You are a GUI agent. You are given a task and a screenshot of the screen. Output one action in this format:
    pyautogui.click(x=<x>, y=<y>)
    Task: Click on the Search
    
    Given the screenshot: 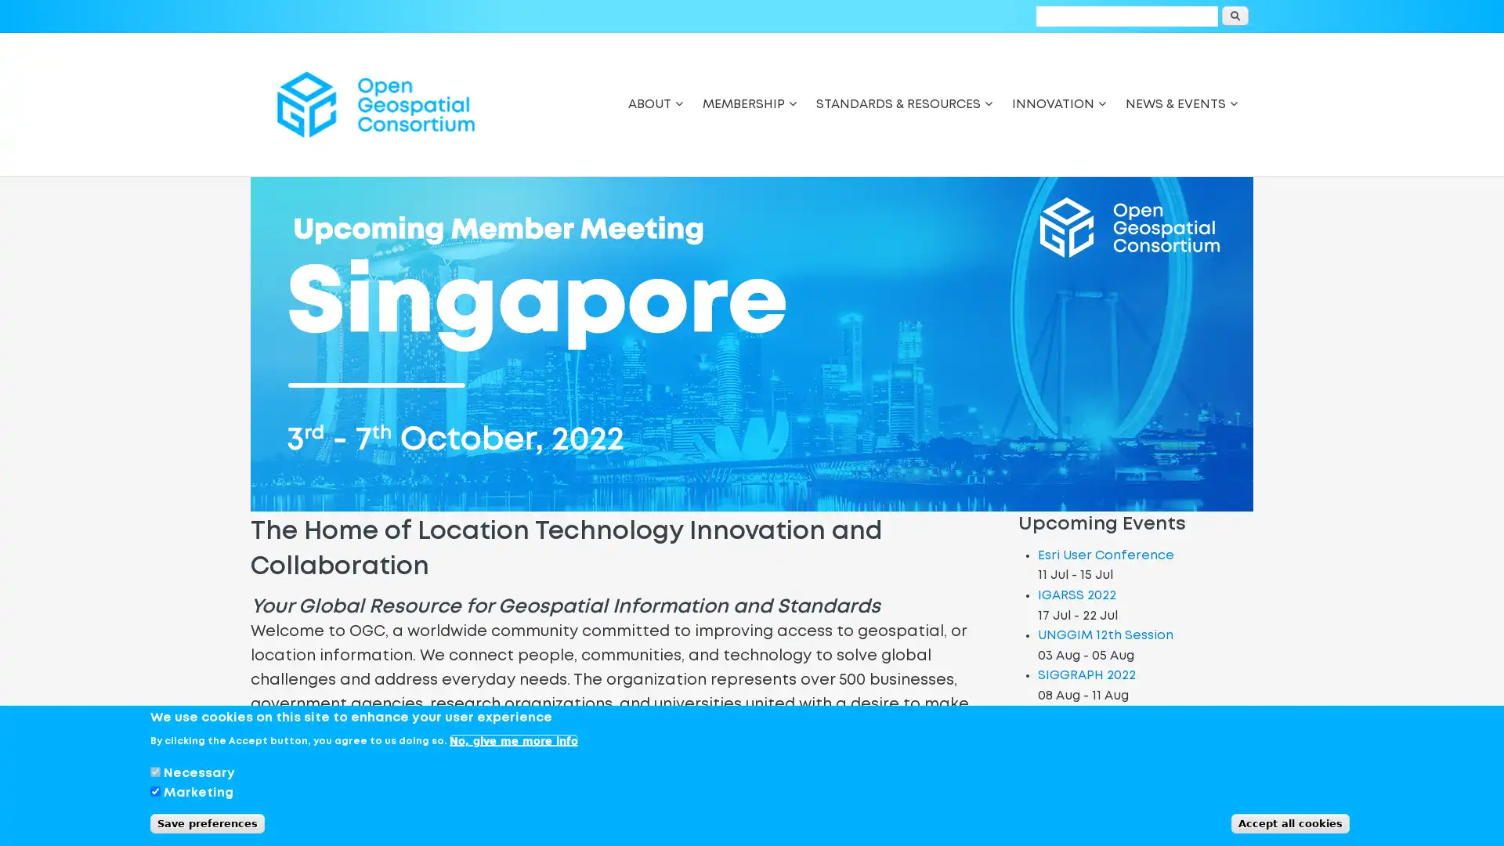 What is the action you would take?
    pyautogui.click(x=1235, y=16)
    